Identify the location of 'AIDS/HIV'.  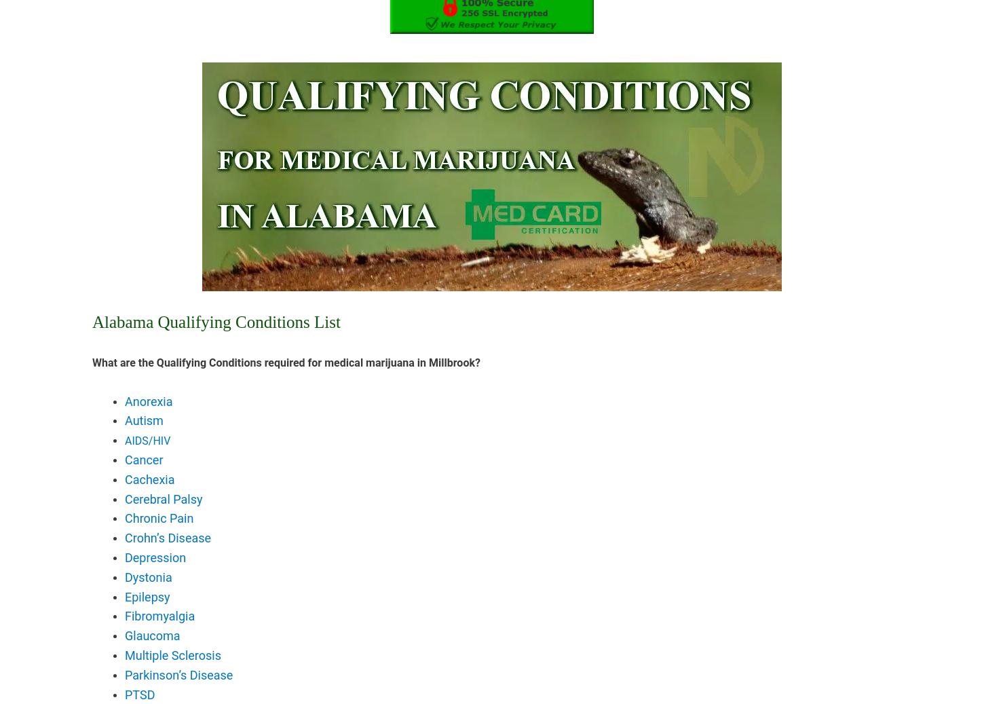
(147, 441).